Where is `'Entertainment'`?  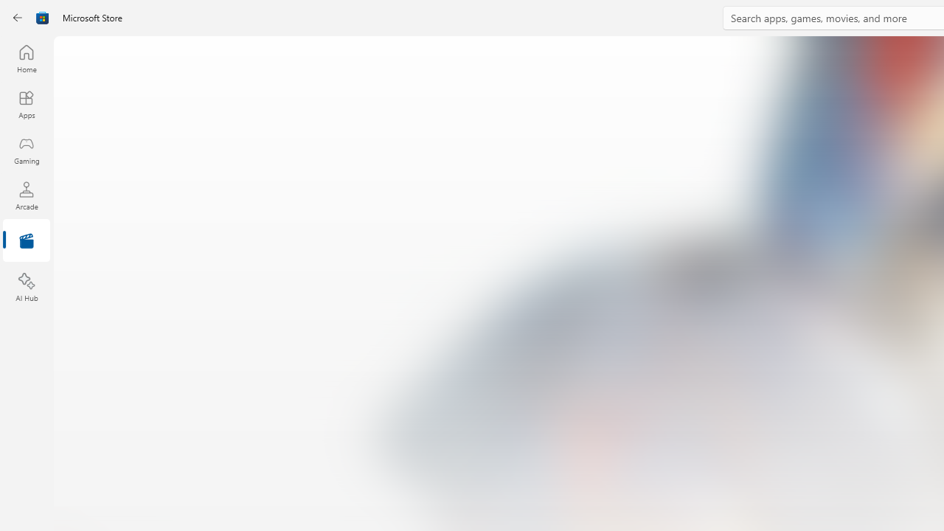 'Entertainment' is located at coordinates (26, 240).